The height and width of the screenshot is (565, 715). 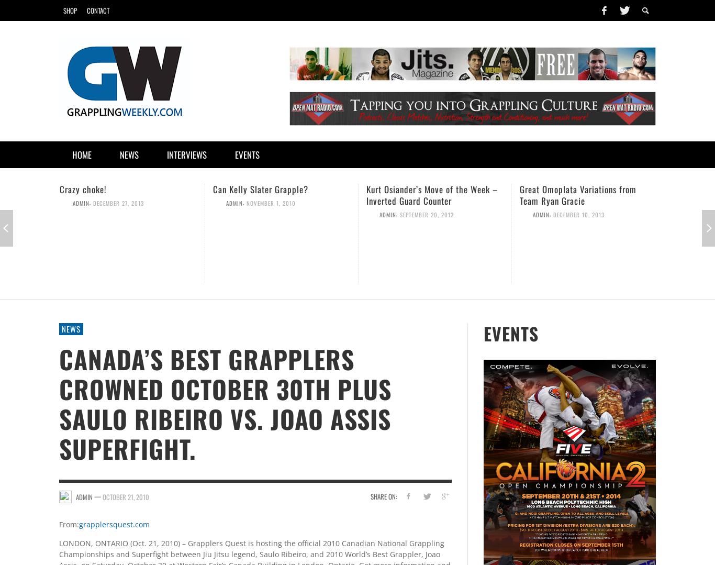 What do you see at coordinates (553, 214) in the screenshot?
I see `'December 10, 2013'` at bounding box center [553, 214].